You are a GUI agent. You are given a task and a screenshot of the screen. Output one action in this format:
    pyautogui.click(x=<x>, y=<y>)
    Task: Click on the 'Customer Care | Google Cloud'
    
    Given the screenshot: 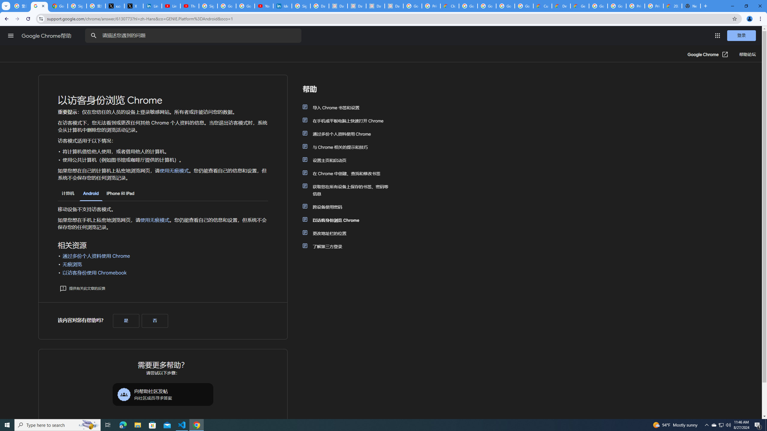 What is the action you would take?
    pyautogui.click(x=542, y=6)
    